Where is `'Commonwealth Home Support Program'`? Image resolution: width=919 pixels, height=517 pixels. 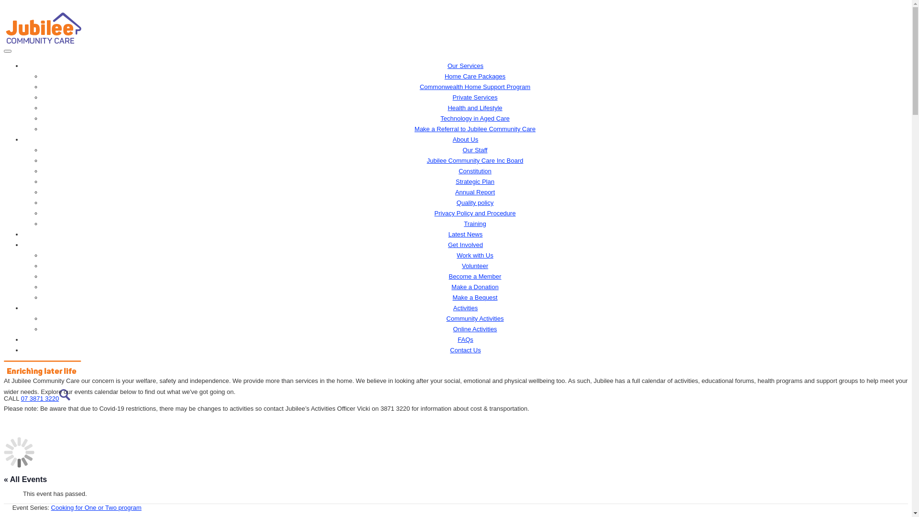
'Commonwealth Home Support Program' is located at coordinates (475, 87).